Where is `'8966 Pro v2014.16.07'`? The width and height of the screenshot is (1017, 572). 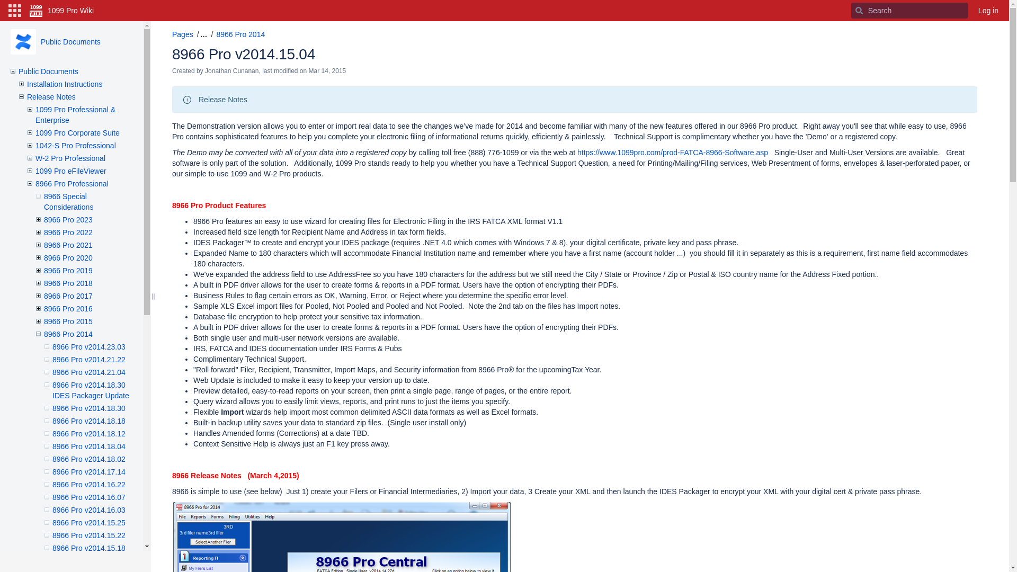
'8966 Pro v2014.16.07' is located at coordinates (89, 497).